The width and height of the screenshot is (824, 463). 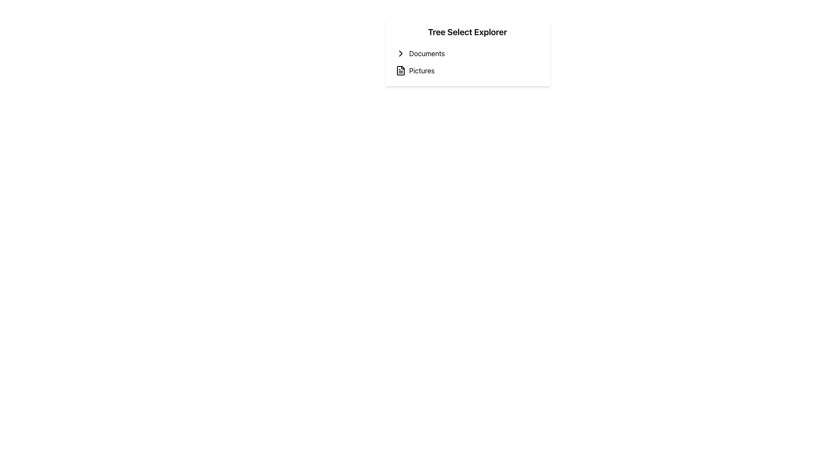 What do you see at coordinates (400, 53) in the screenshot?
I see `the chevron/arrow icon that indicates an expandable or collapsible state associated with the Documents label for visual feedback` at bounding box center [400, 53].